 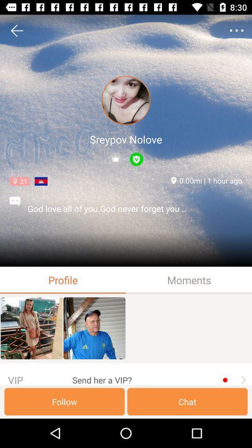 I want to click on the avatar icon, so click(x=126, y=100).